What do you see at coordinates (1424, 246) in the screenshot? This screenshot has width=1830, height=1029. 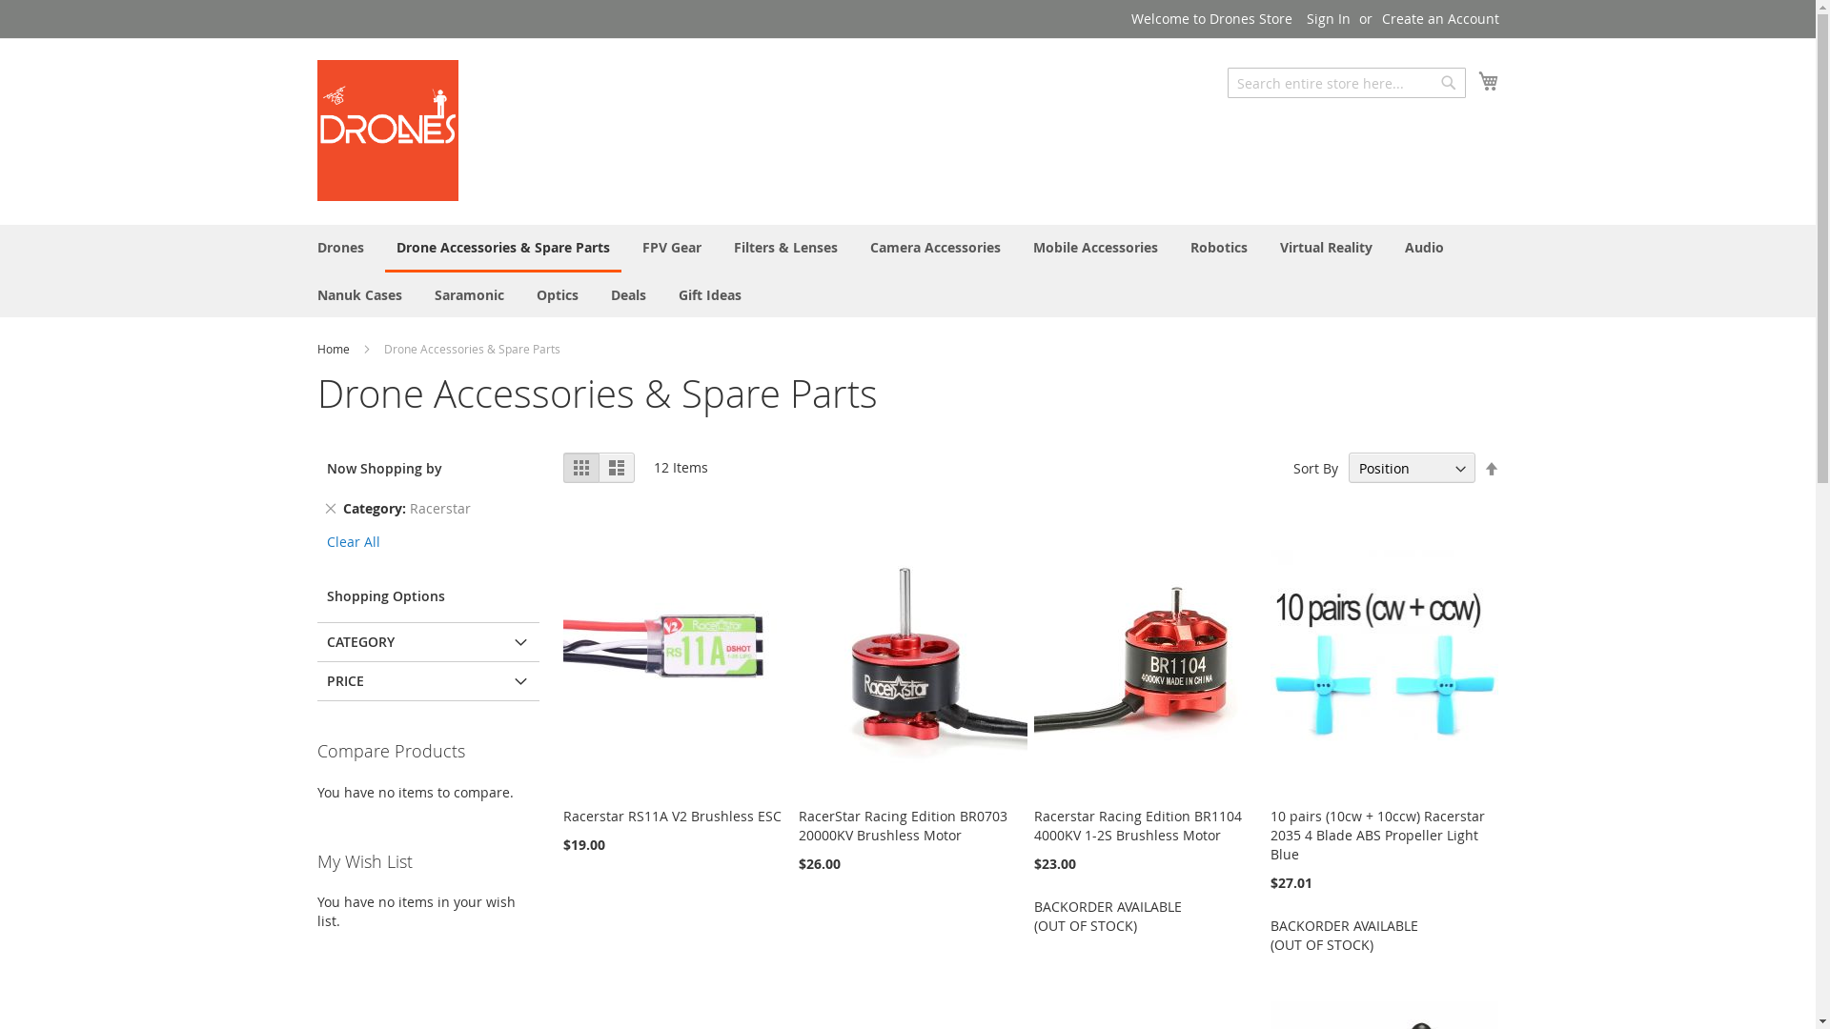 I see `'Audio'` at bounding box center [1424, 246].